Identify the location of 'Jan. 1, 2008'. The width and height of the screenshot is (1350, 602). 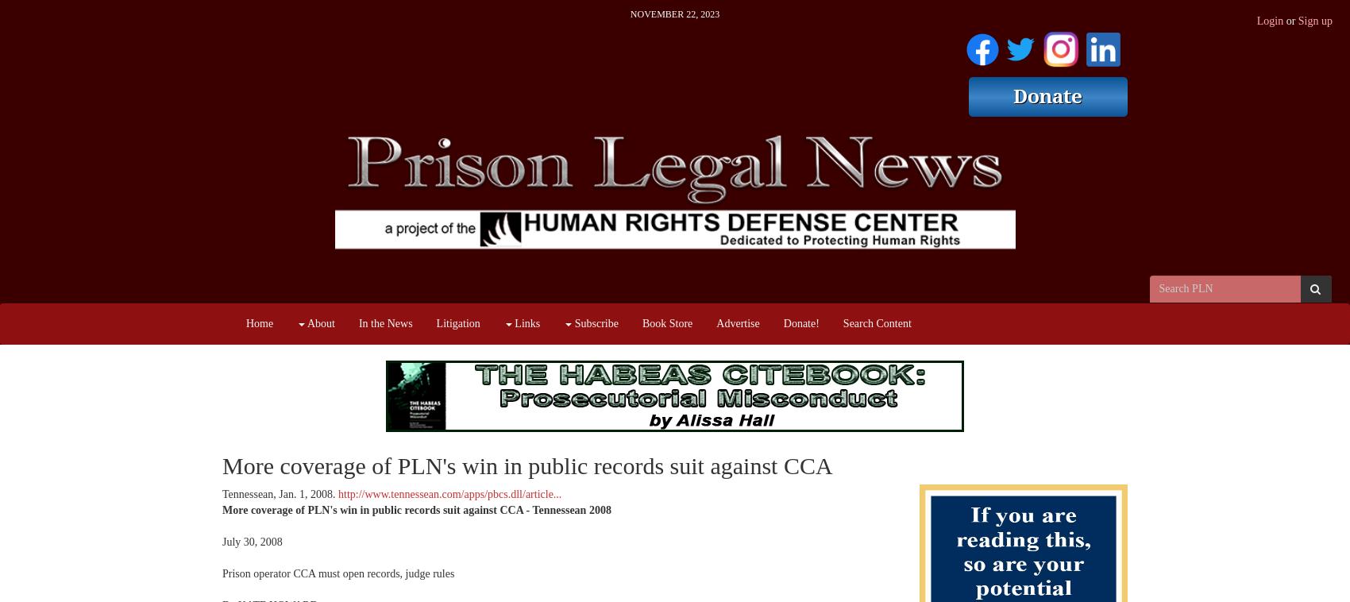
(305, 494).